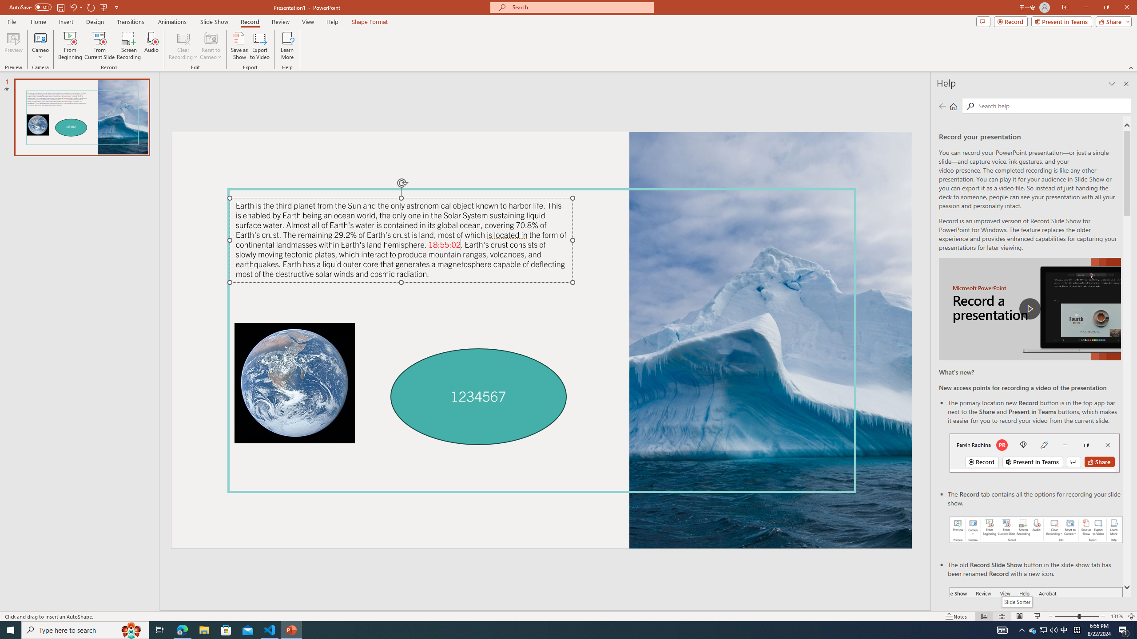  I want to click on 'Zoom 131%', so click(1117, 616).